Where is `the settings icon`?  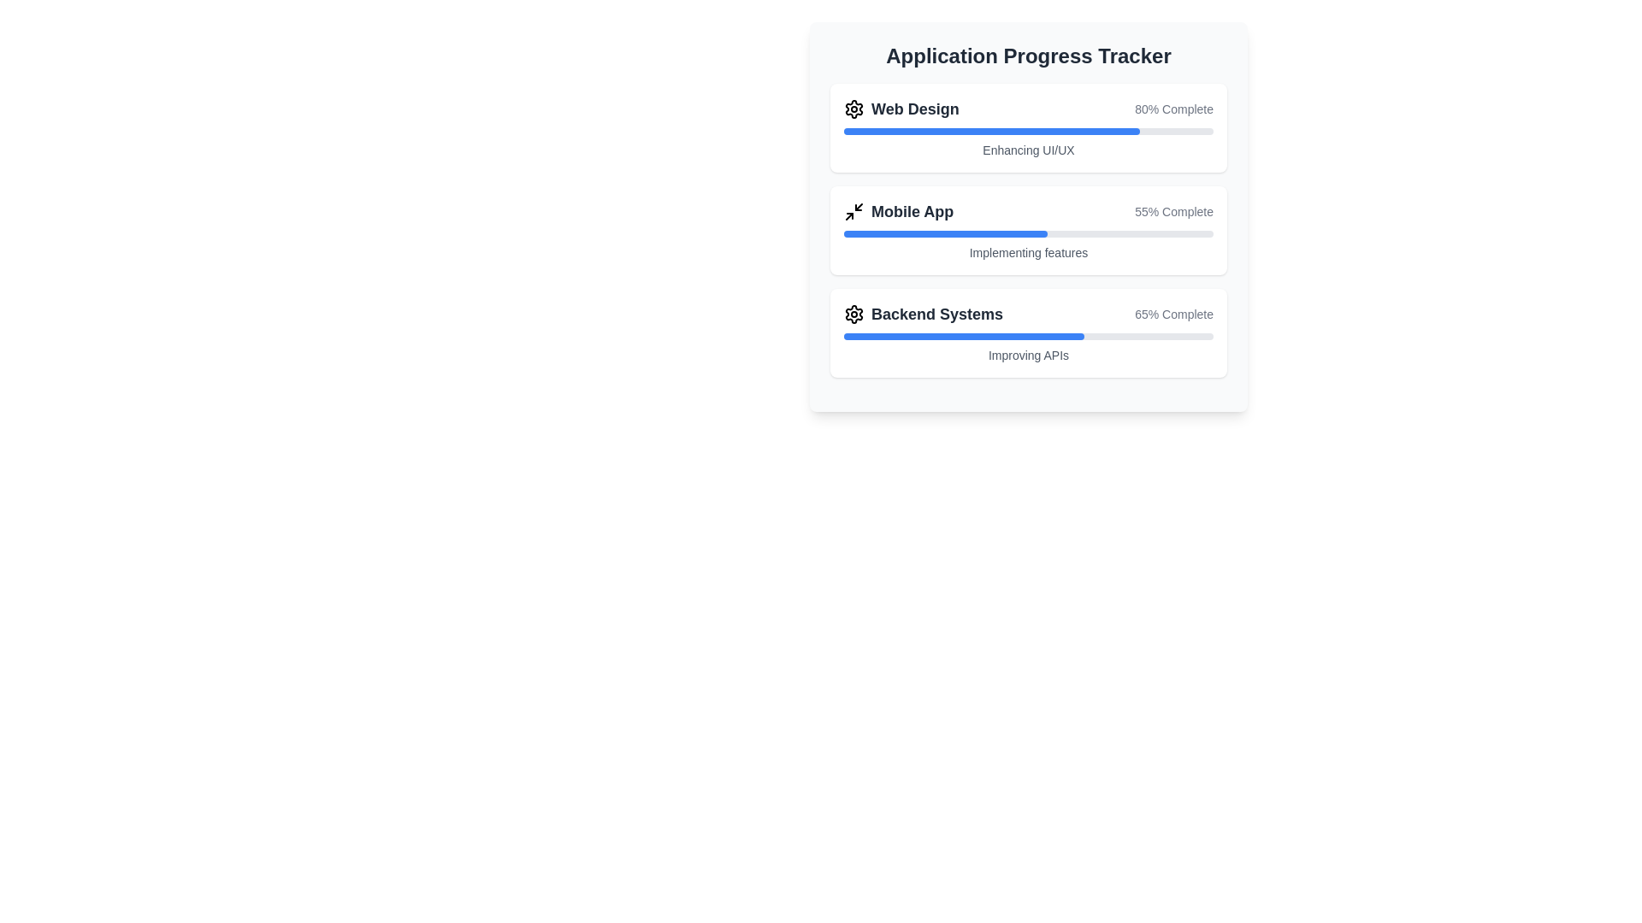
the settings icon is located at coordinates (853, 109).